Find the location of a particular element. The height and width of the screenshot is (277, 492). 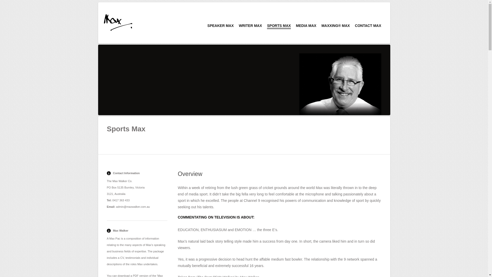

'SPORTS MAX' is located at coordinates (279, 26).